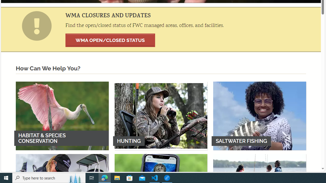 This screenshot has width=326, height=183. What do you see at coordinates (161, 116) in the screenshot?
I see `'HUNTING'` at bounding box center [161, 116].